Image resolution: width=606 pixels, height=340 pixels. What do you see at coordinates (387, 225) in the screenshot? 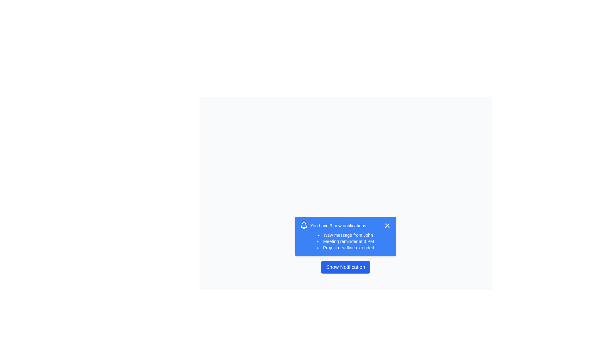
I see `the close button icon located in the top-right corner of the blue notification panel` at bounding box center [387, 225].